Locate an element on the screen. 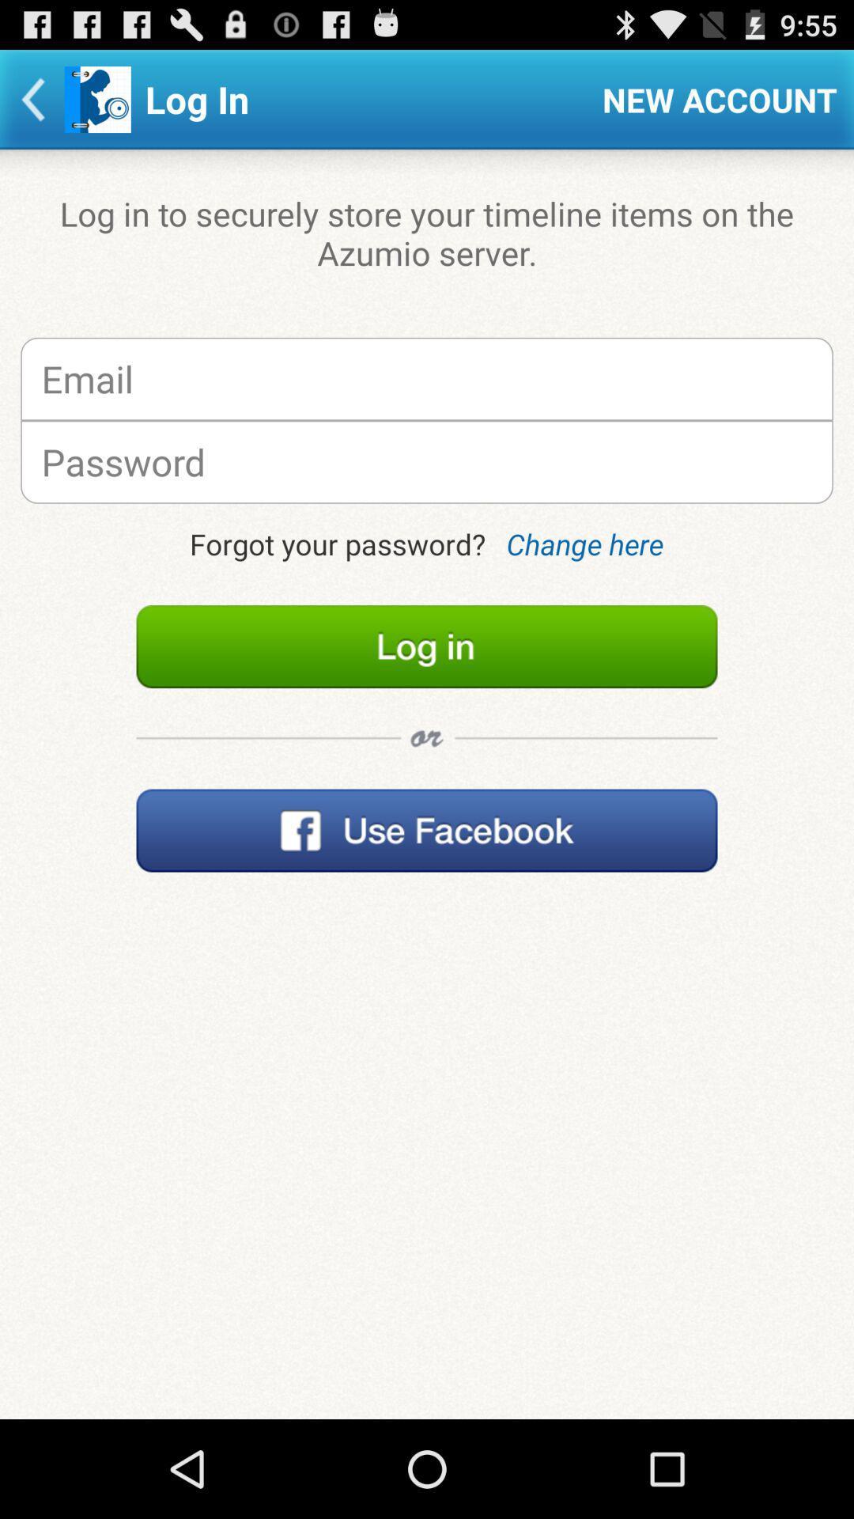 This screenshot has width=854, height=1519. facebook is located at coordinates (427, 830).